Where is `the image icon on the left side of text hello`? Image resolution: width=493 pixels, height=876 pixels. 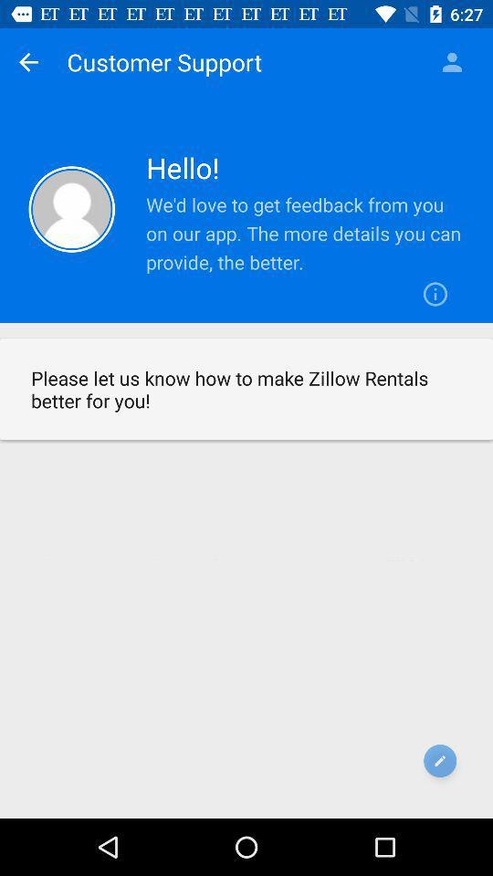
the image icon on the left side of text hello is located at coordinates (71, 209).